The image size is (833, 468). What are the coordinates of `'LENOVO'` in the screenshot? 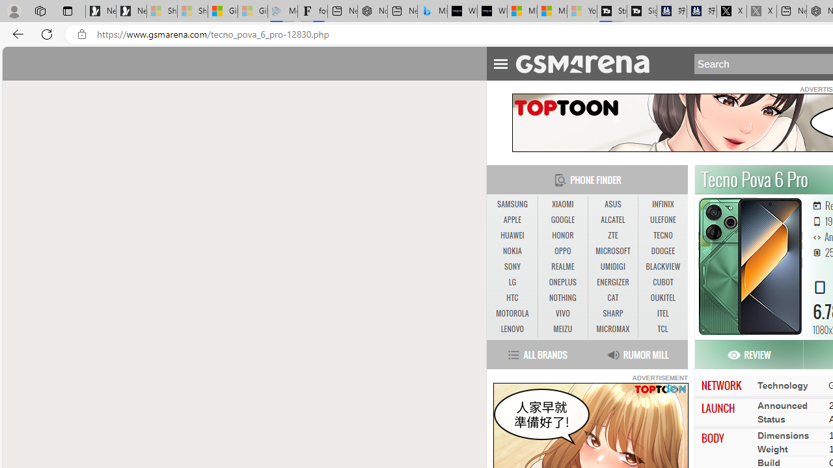 It's located at (512, 328).